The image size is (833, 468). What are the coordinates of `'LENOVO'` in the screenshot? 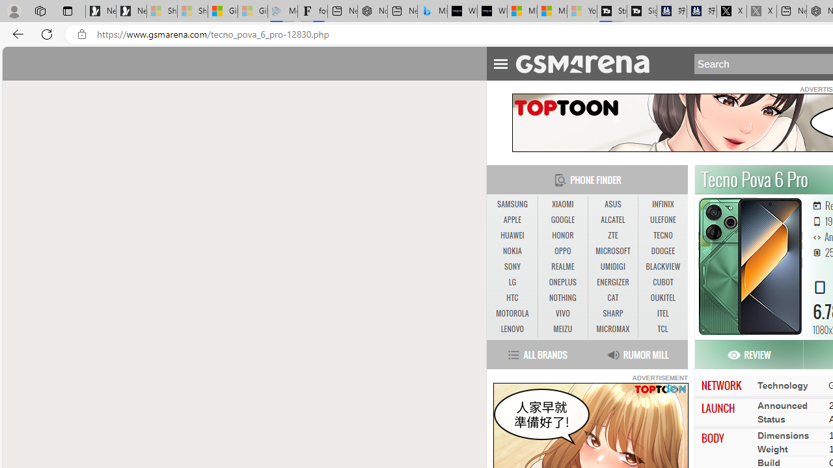 It's located at (512, 328).